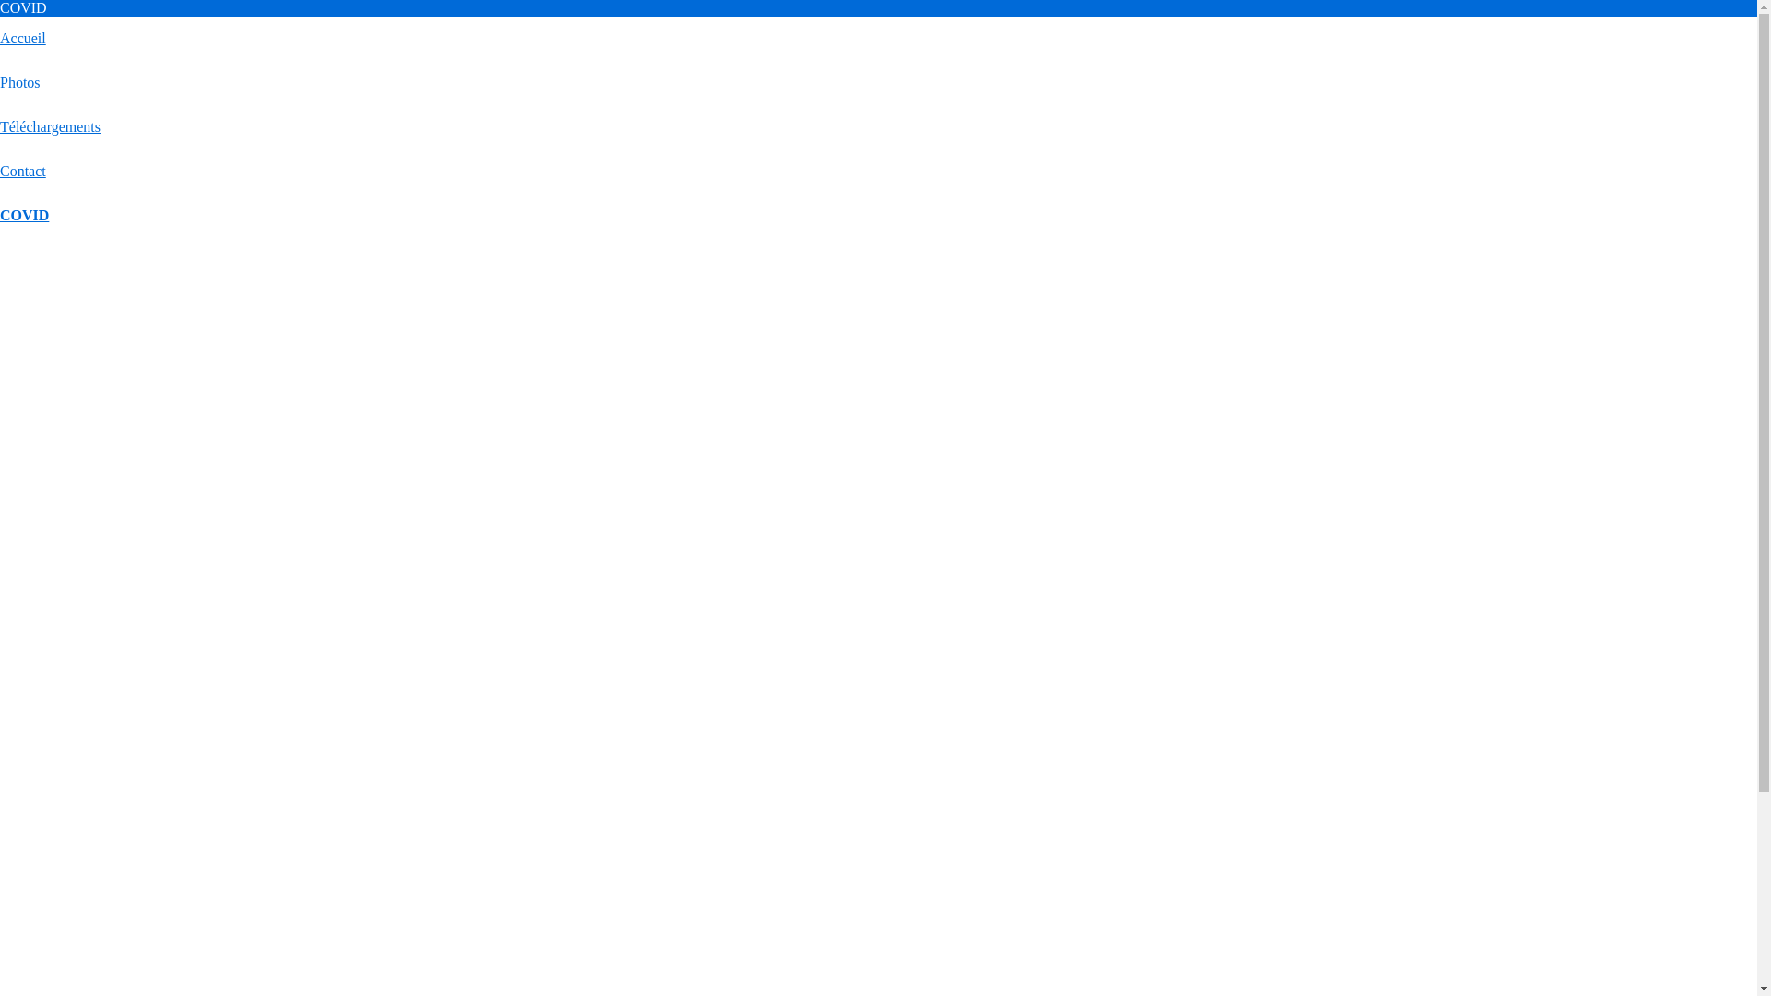 Image resolution: width=1771 pixels, height=996 pixels. Describe the element at coordinates (22, 38) in the screenshot. I see `'Accueil'` at that location.